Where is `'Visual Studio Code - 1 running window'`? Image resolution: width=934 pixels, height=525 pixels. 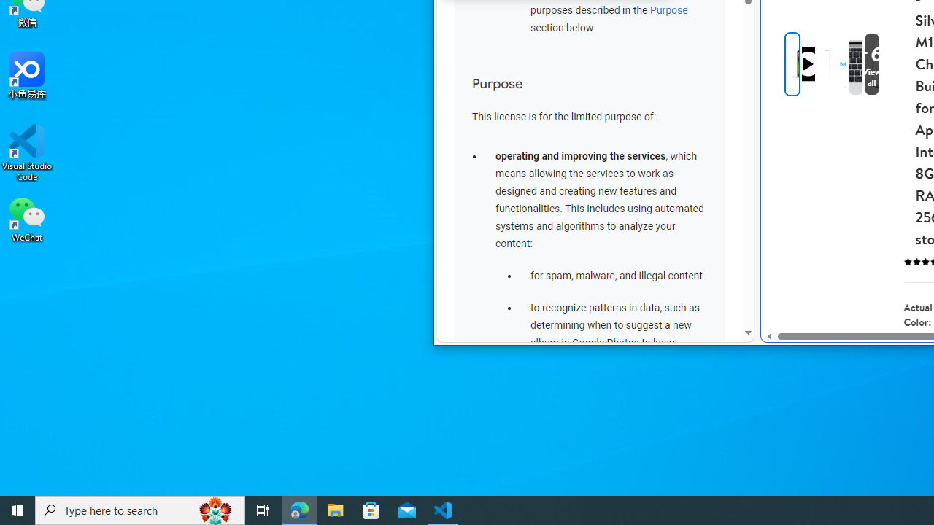
'Visual Studio Code - 1 running window' is located at coordinates (442, 509).